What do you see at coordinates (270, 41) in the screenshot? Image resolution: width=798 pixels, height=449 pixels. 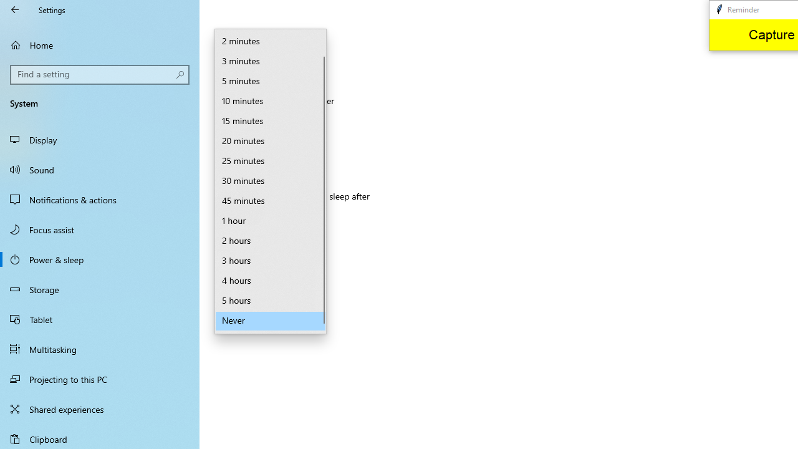 I see `'2 minutes'` at bounding box center [270, 41].